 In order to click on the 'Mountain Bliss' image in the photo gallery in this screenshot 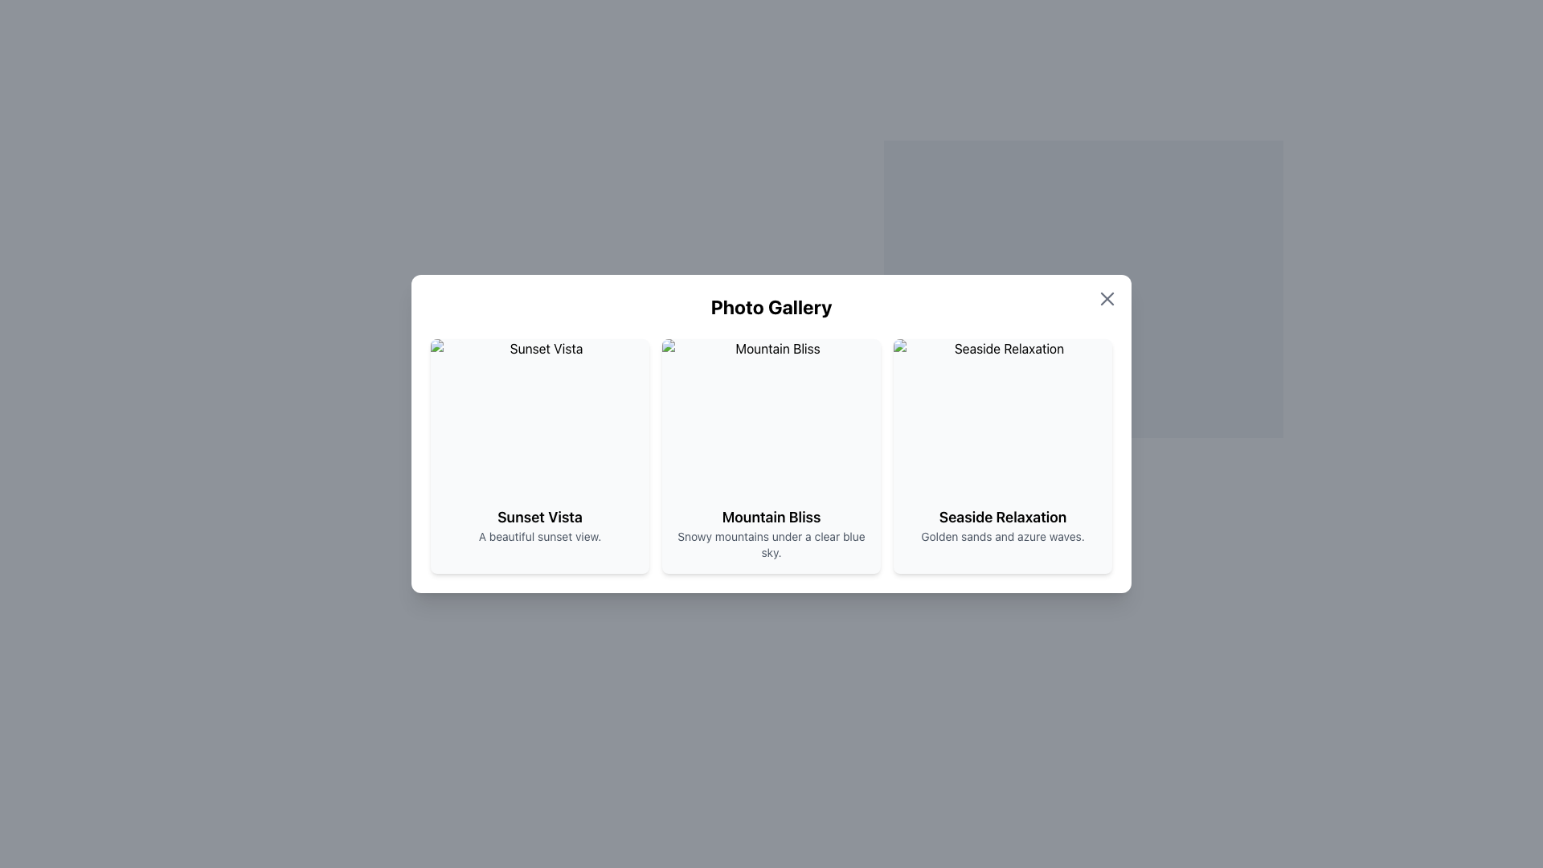, I will do `click(771, 415)`.